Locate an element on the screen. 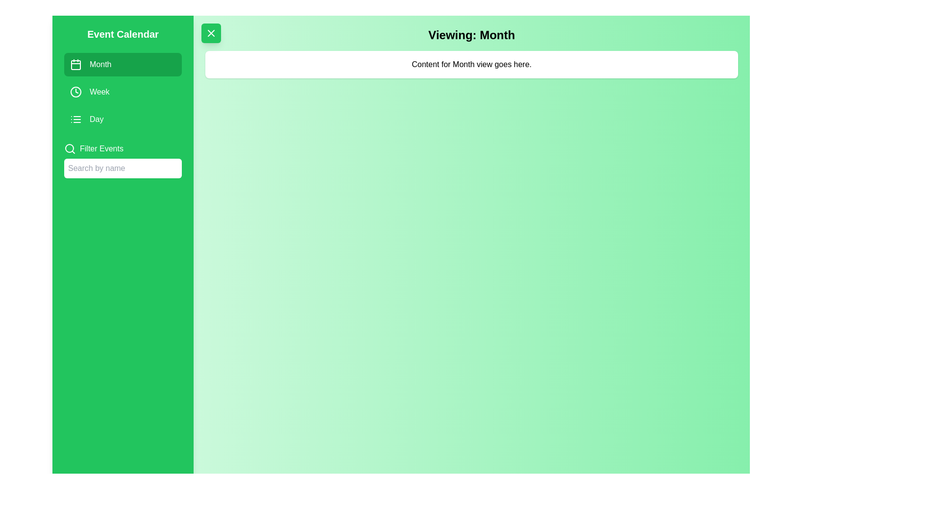 The height and width of the screenshot is (529, 941). the Week view in the calendar is located at coordinates (122, 92).